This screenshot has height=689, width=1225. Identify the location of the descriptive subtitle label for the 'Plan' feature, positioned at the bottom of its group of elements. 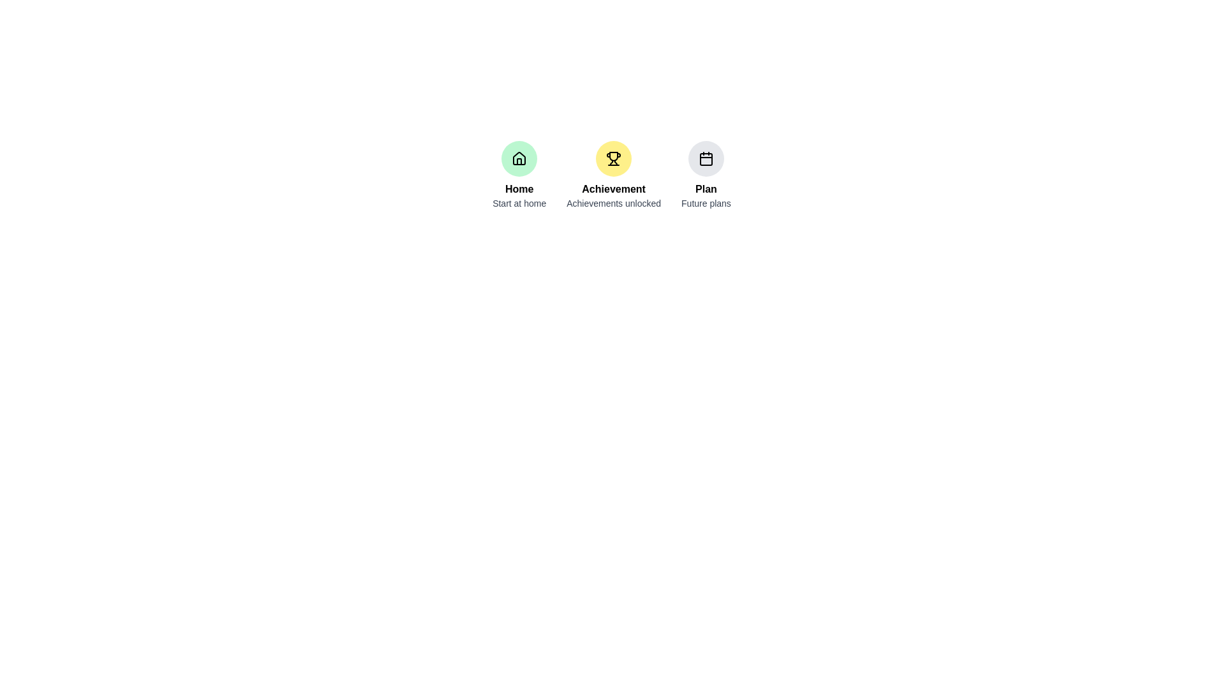
(705, 203).